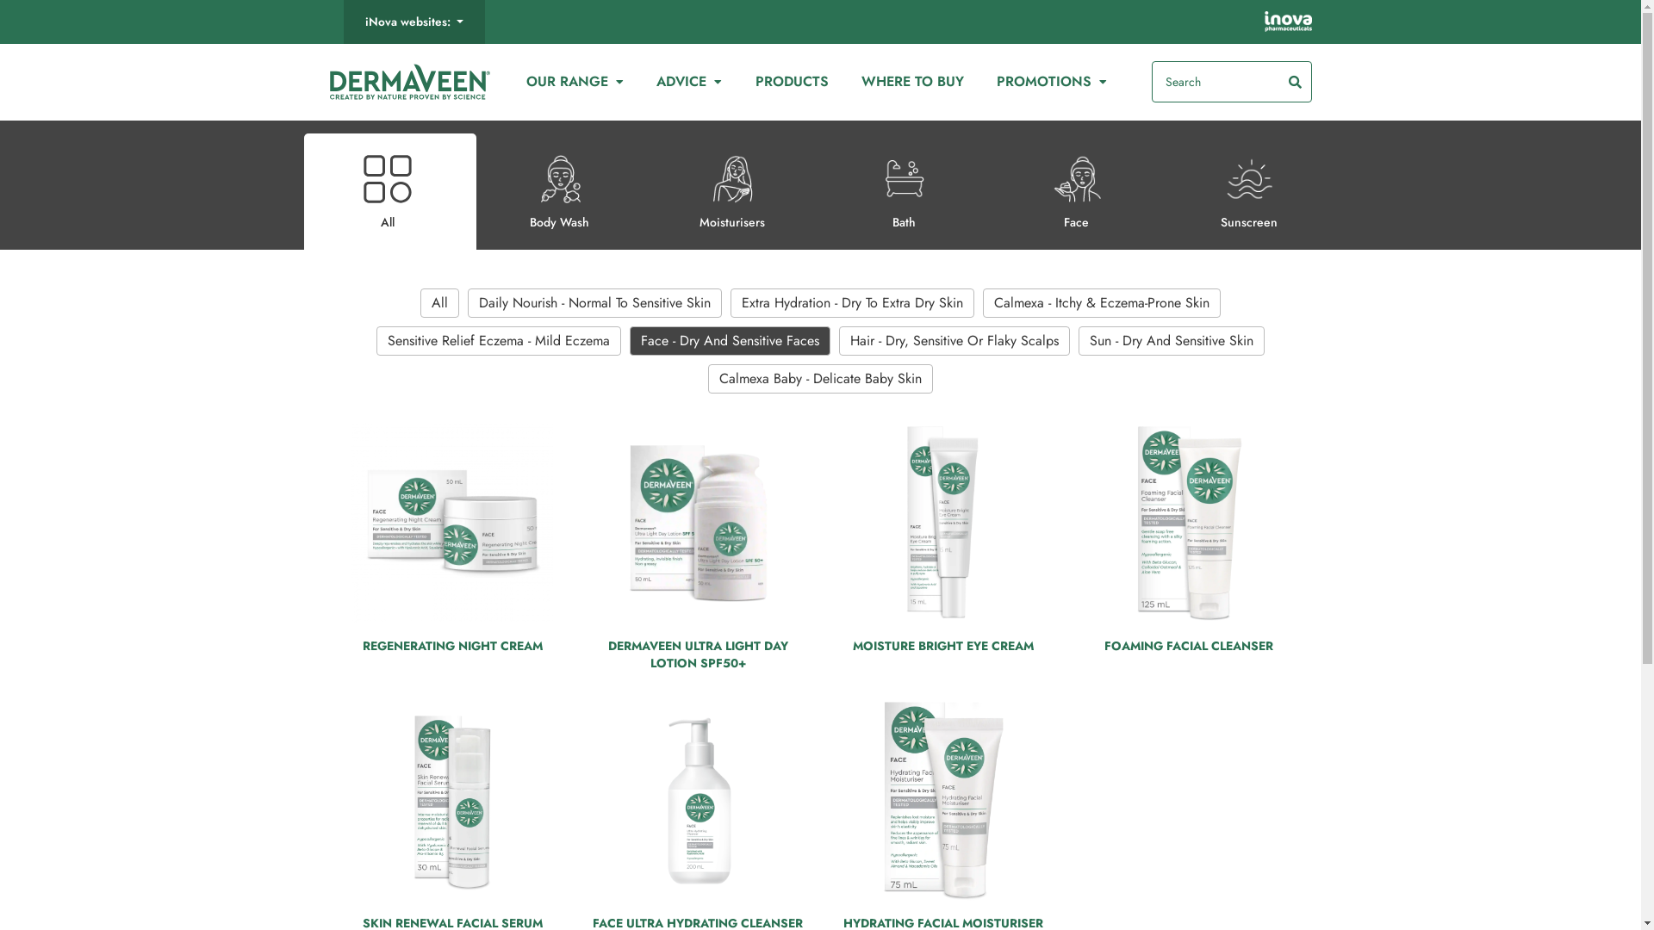 The image size is (1654, 930). I want to click on 'Face - Dry And Sensitive Faces', so click(730, 341).